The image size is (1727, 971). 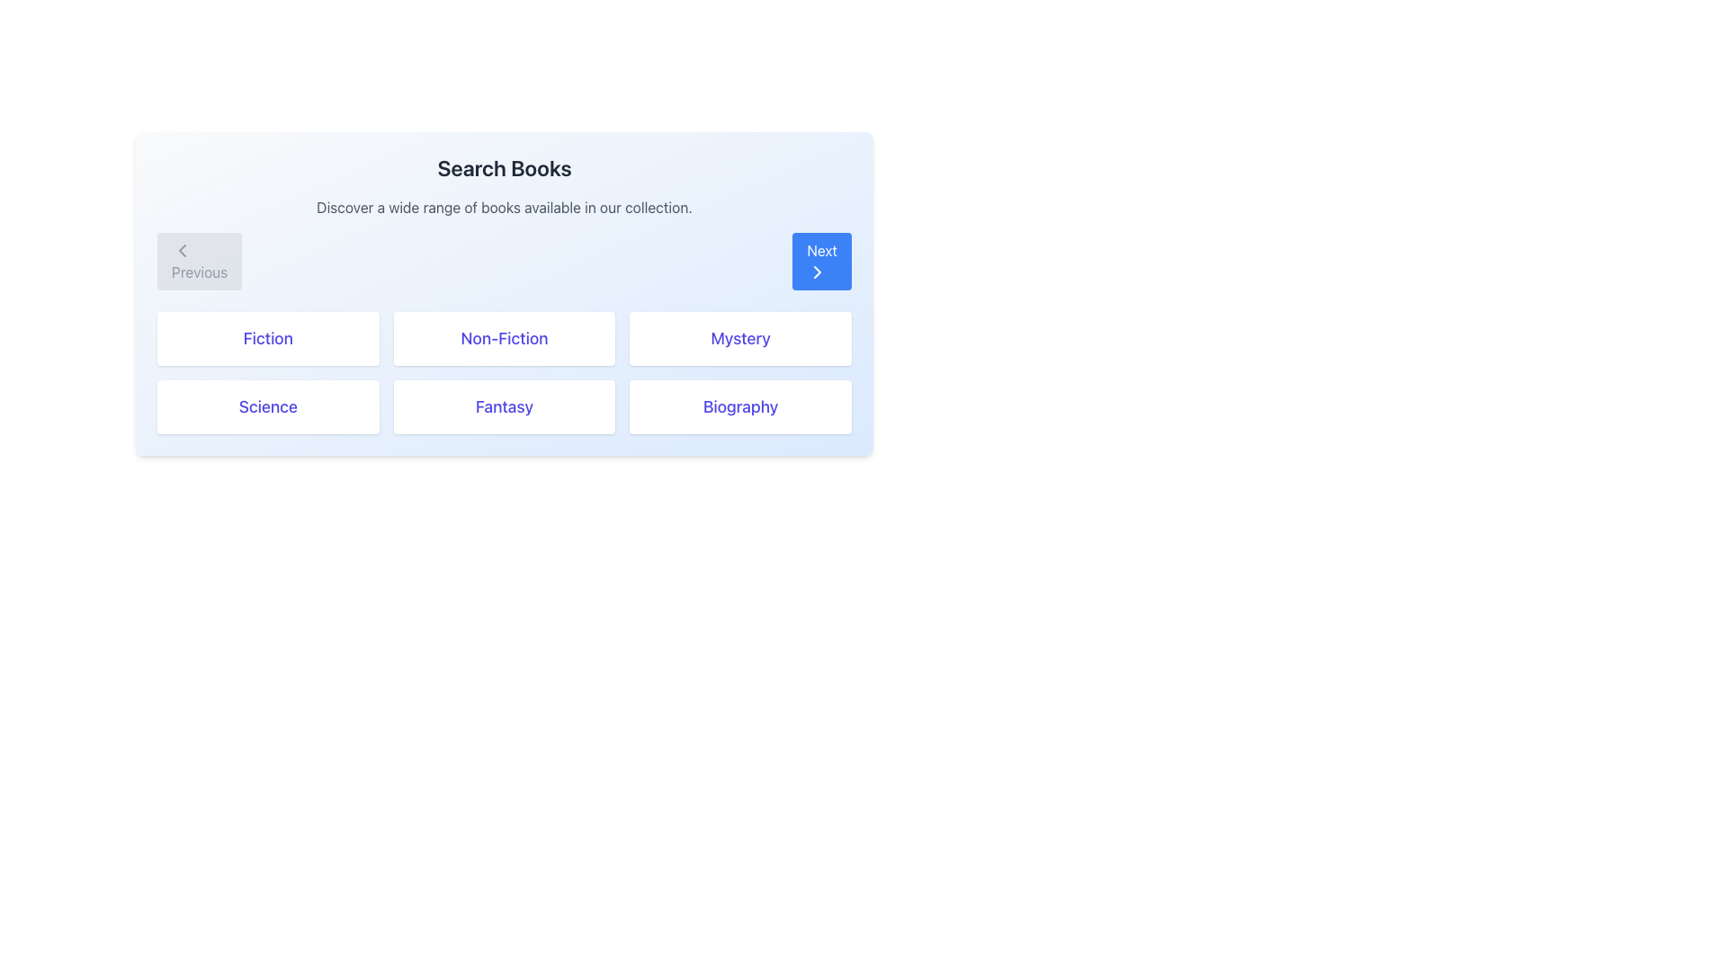 I want to click on the Modal overlay, so click(x=504, y=290).